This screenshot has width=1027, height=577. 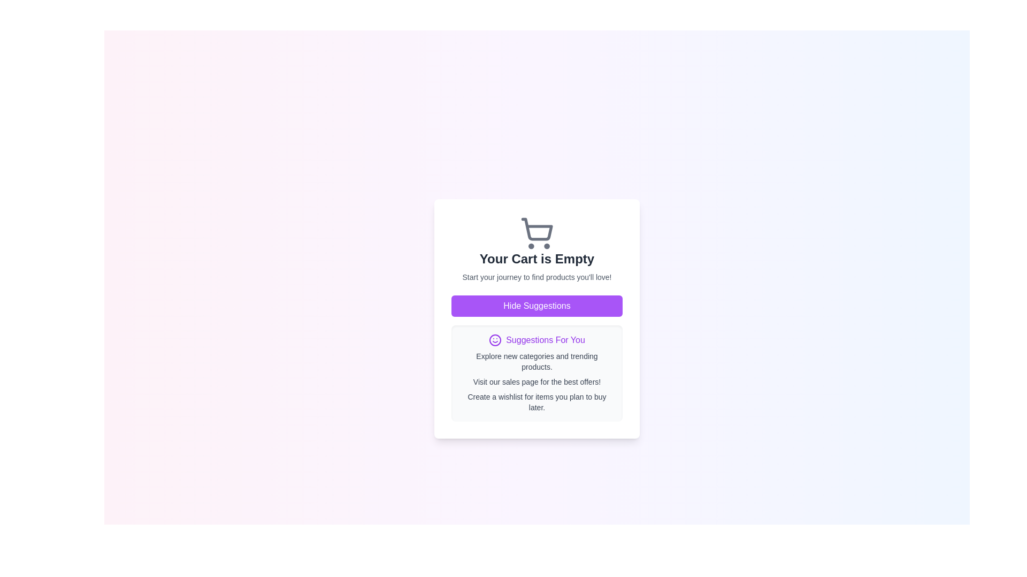 I want to click on the static text element that reads 'Create a wishlist for items you plan to buy later.' which is styled with a modest font in grey color and located at the bottom of a light-colored, rounded-corner suggestion box, so click(x=537, y=402).